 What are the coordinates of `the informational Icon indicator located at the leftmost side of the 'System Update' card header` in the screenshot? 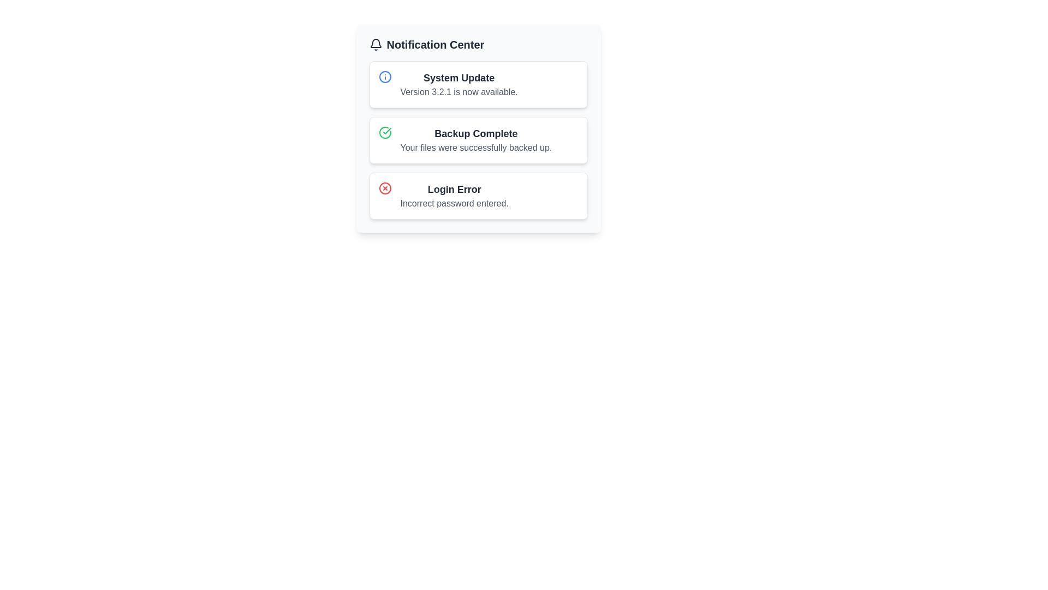 It's located at (385, 84).